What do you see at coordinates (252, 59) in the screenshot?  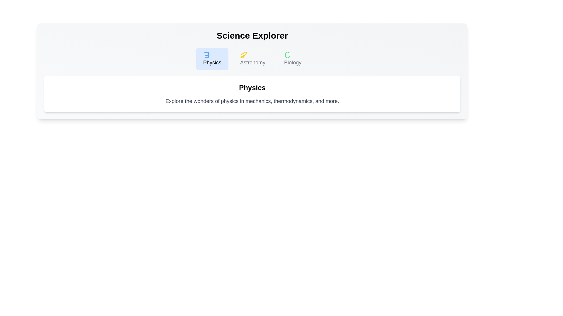 I see `the Astronomy tab by clicking on its respective button` at bounding box center [252, 59].